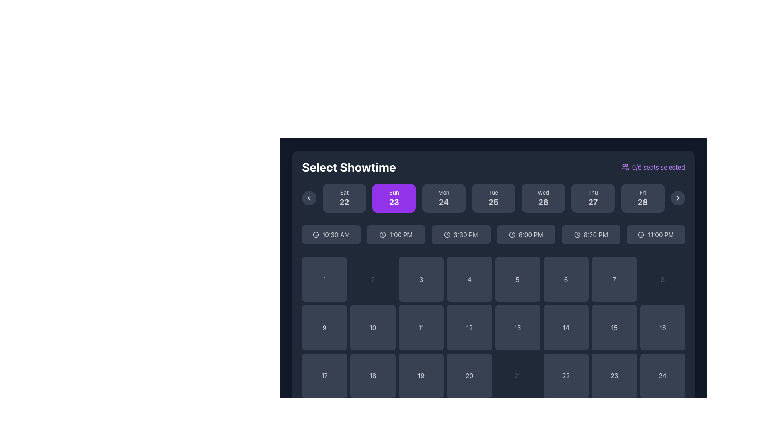 The height and width of the screenshot is (429, 764). Describe the element at coordinates (324, 279) in the screenshot. I see `the interactive button labeled '1' at the top-left corner of the grid` at that location.